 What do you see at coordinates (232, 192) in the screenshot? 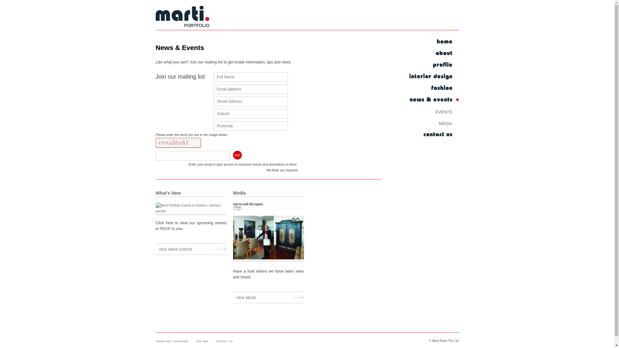
I see `'Media'` at bounding box center [232, 192].